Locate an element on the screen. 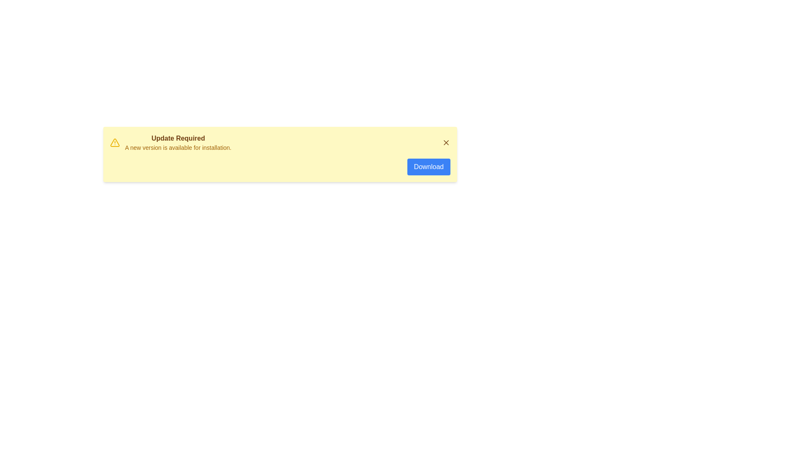 This screenshot has width=803, height=452. the alert icon to display the tooltip or focus effect is located at coordinates (114, 142).